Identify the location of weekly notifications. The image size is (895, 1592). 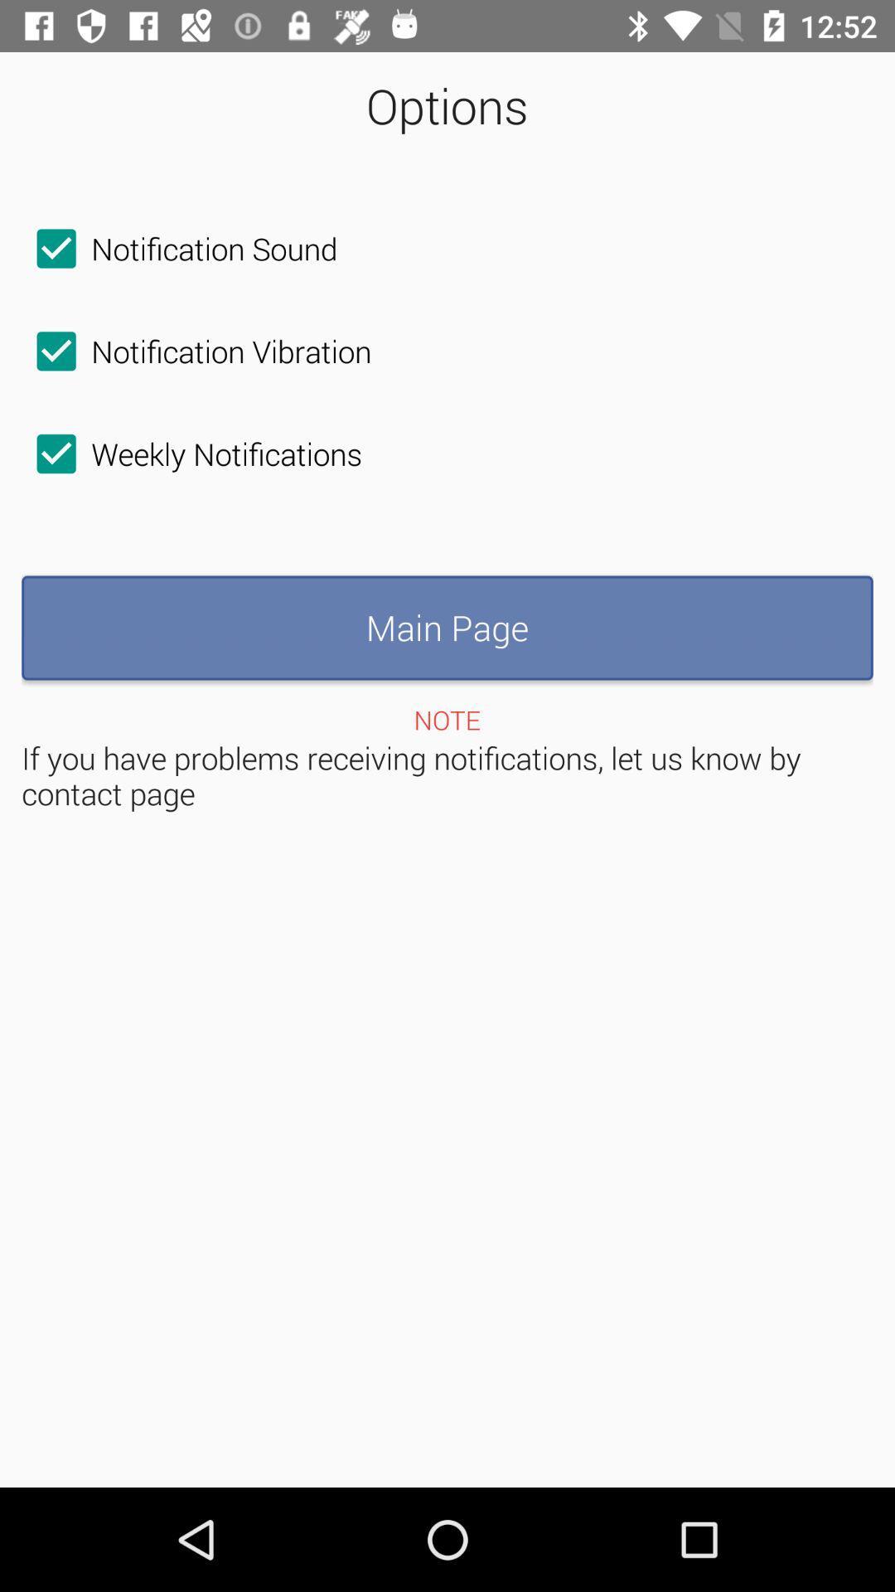
(191, 454).